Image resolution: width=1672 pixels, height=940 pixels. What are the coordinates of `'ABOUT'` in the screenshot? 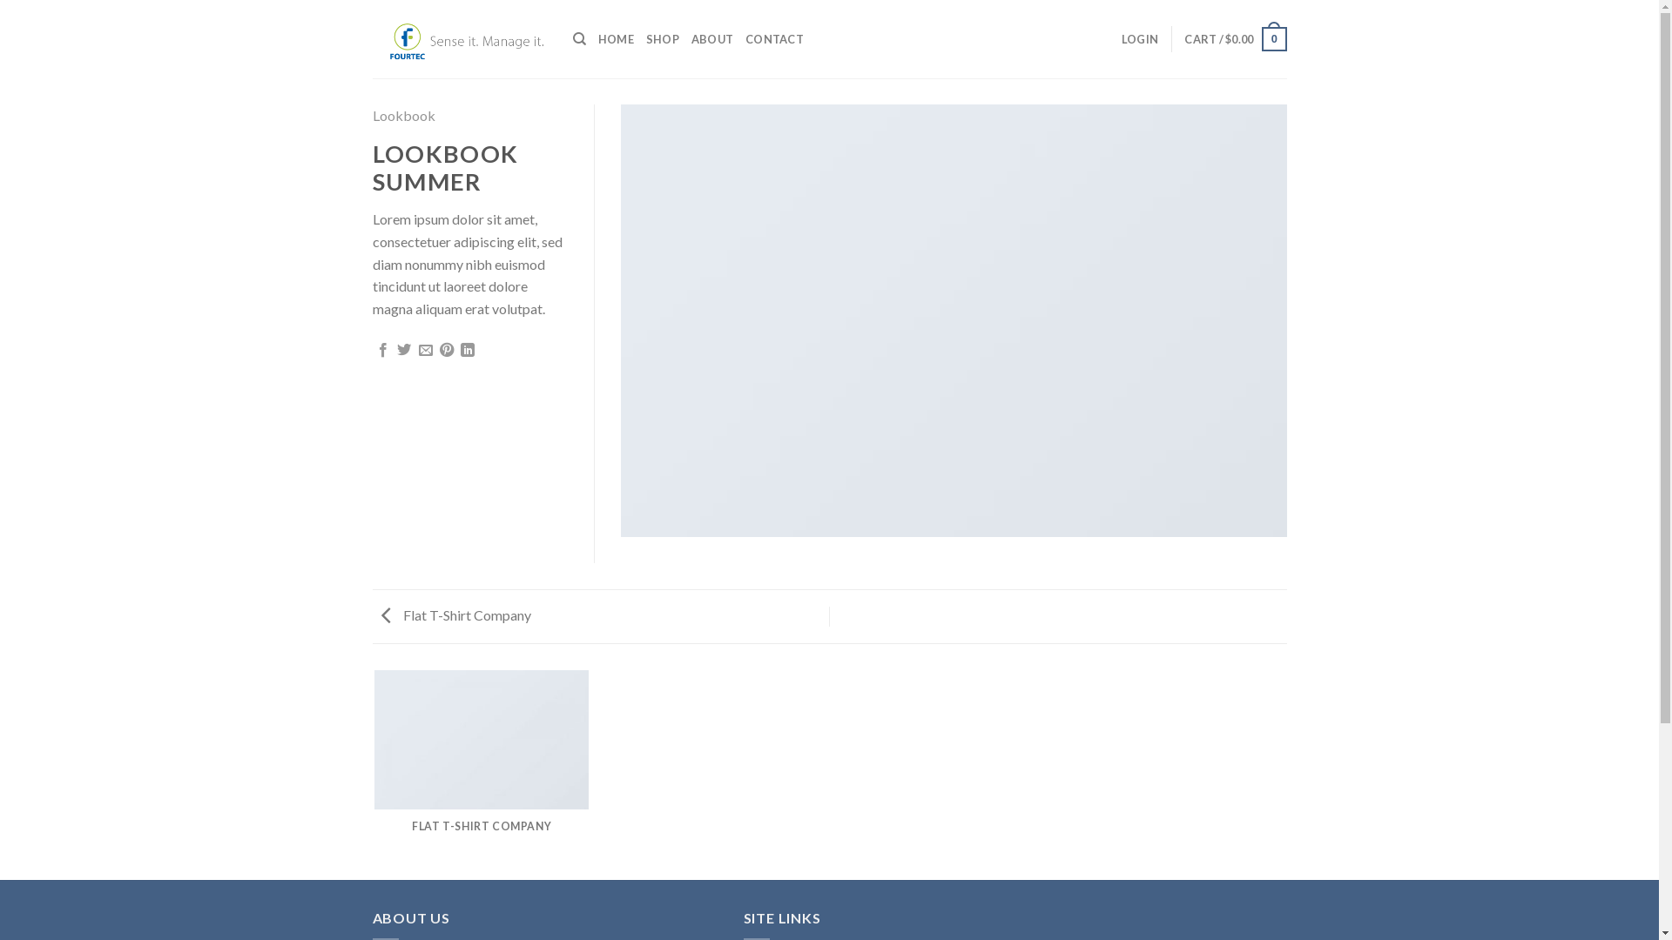 It's located at (711, 39).